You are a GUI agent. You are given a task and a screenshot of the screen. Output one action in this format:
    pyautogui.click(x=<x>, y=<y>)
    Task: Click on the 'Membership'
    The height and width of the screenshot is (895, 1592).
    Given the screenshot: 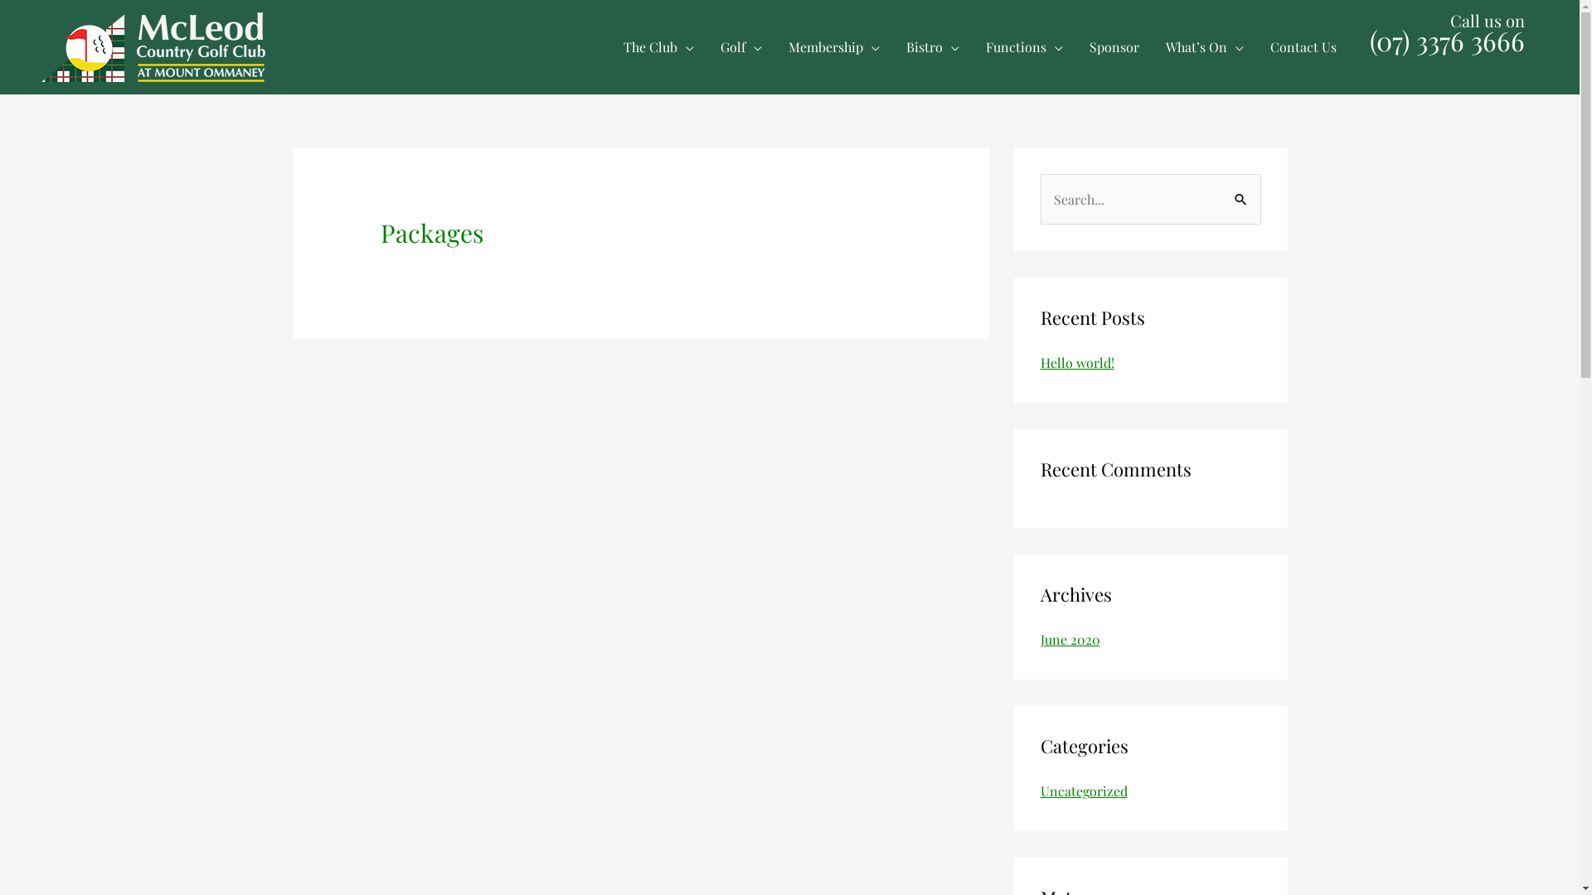 What is the action you would take?
    pyautogui.click(x=834, y=46)
    